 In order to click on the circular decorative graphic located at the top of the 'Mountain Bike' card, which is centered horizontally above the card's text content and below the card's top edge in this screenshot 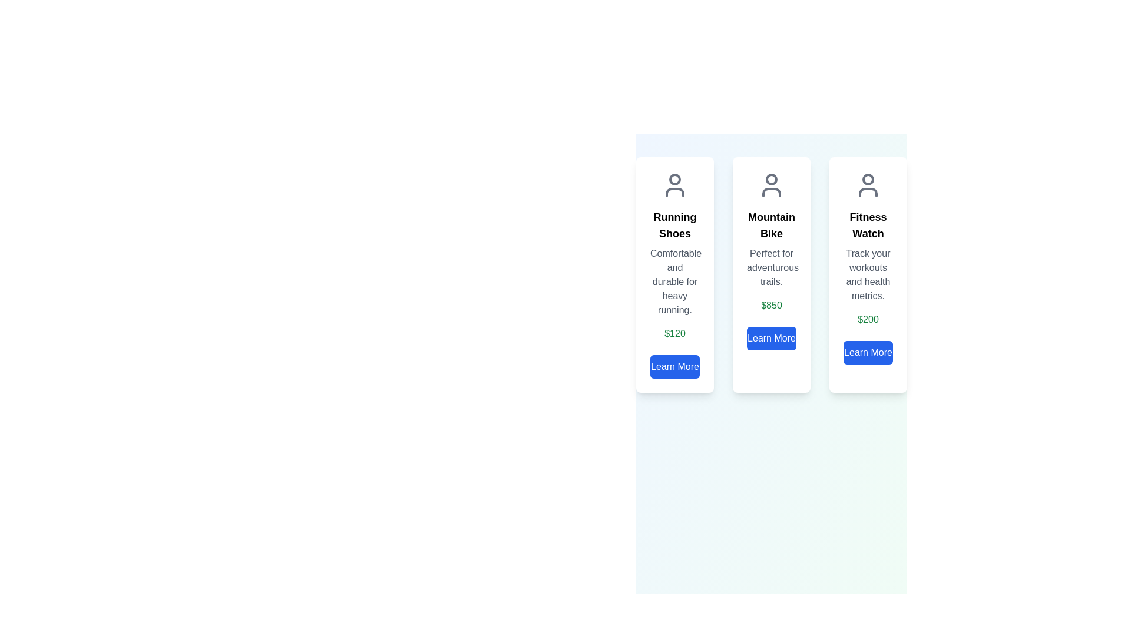, I will do `click(772, 179)`.